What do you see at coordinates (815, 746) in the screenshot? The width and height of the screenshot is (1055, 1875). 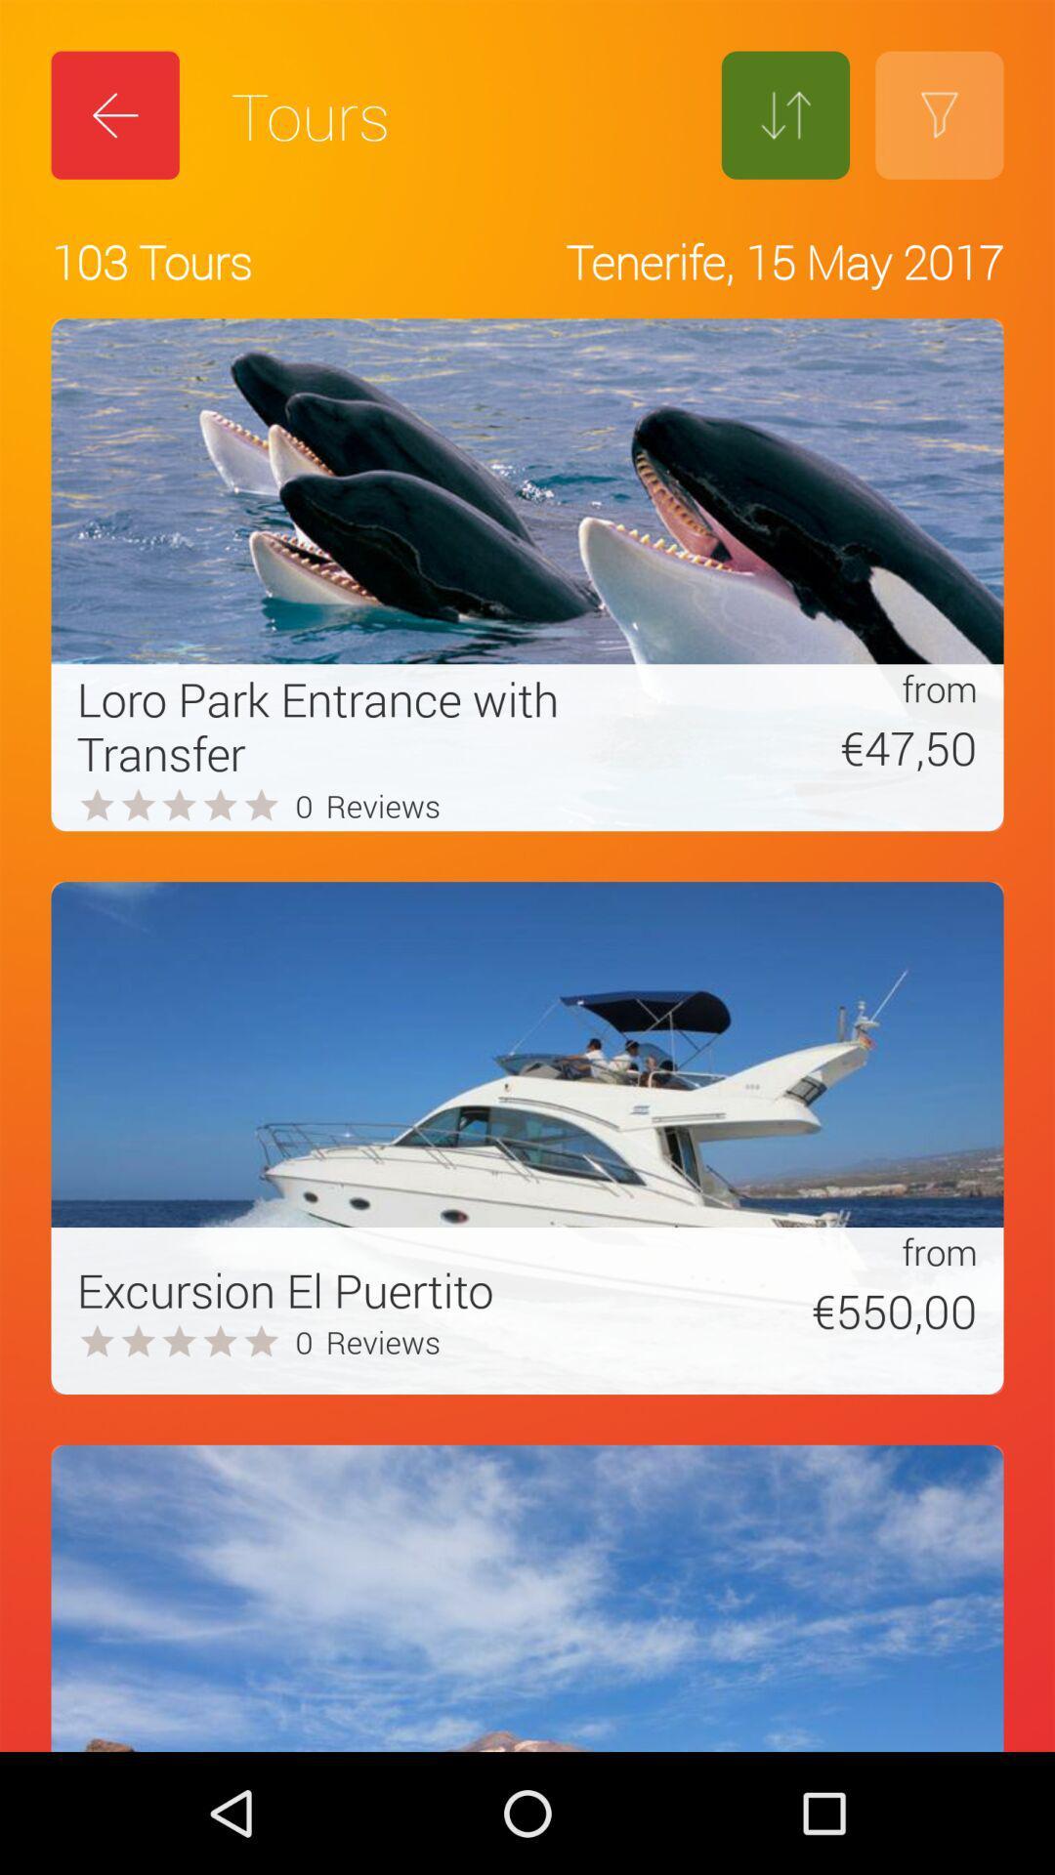 I see `the icon below the from item` at bounding box center [815, 746].